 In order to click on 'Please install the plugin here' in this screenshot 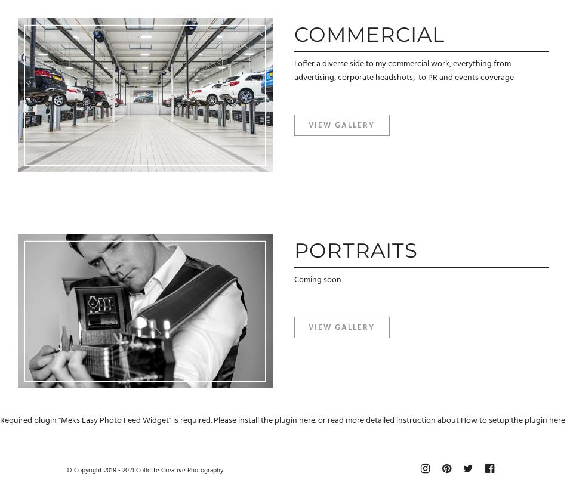, I will do `click(263, 420)`.